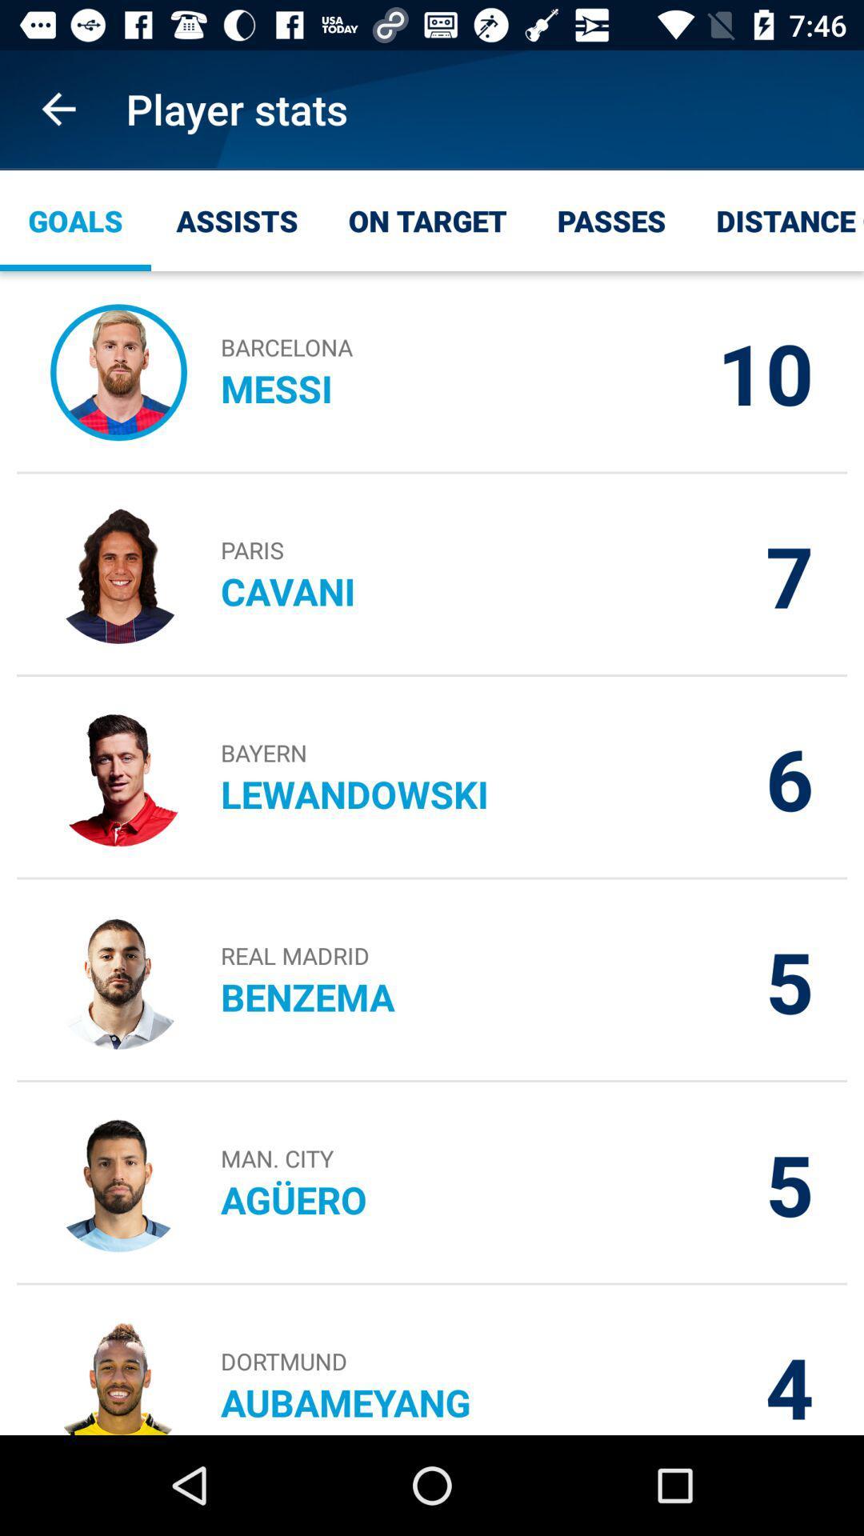  Describe the element at coordinates (58, 108) in the screenshot. I see `app to the left of the player stats item` at that location.